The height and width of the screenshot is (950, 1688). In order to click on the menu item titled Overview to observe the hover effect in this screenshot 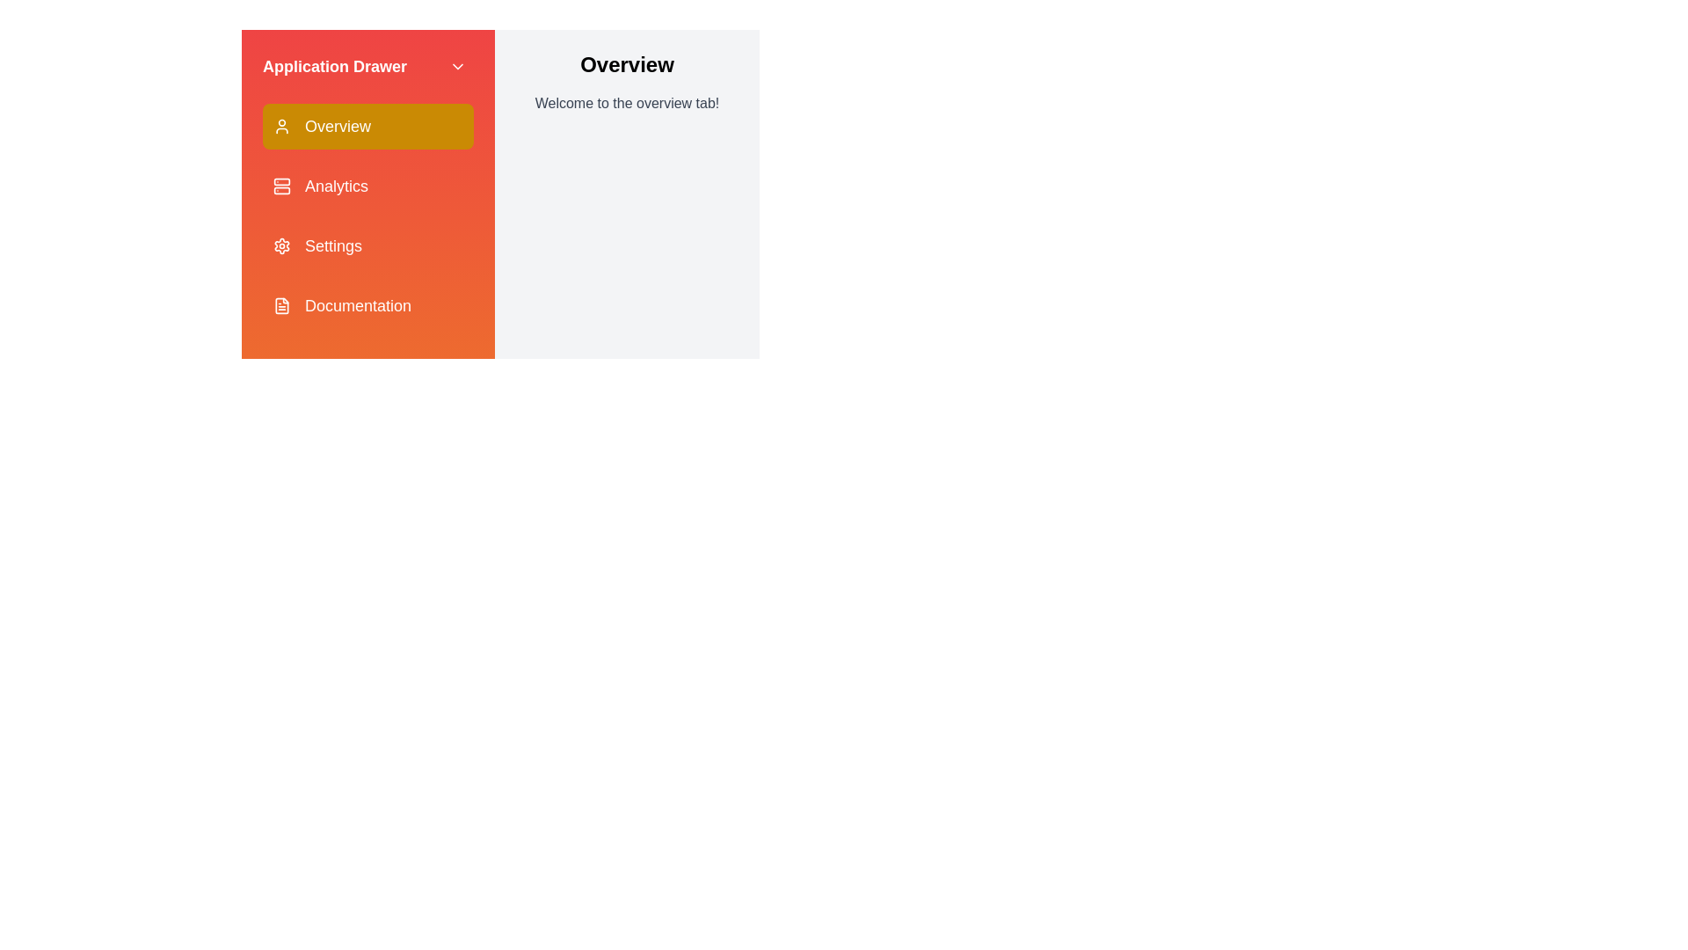, I will do `click(367, 125)`.